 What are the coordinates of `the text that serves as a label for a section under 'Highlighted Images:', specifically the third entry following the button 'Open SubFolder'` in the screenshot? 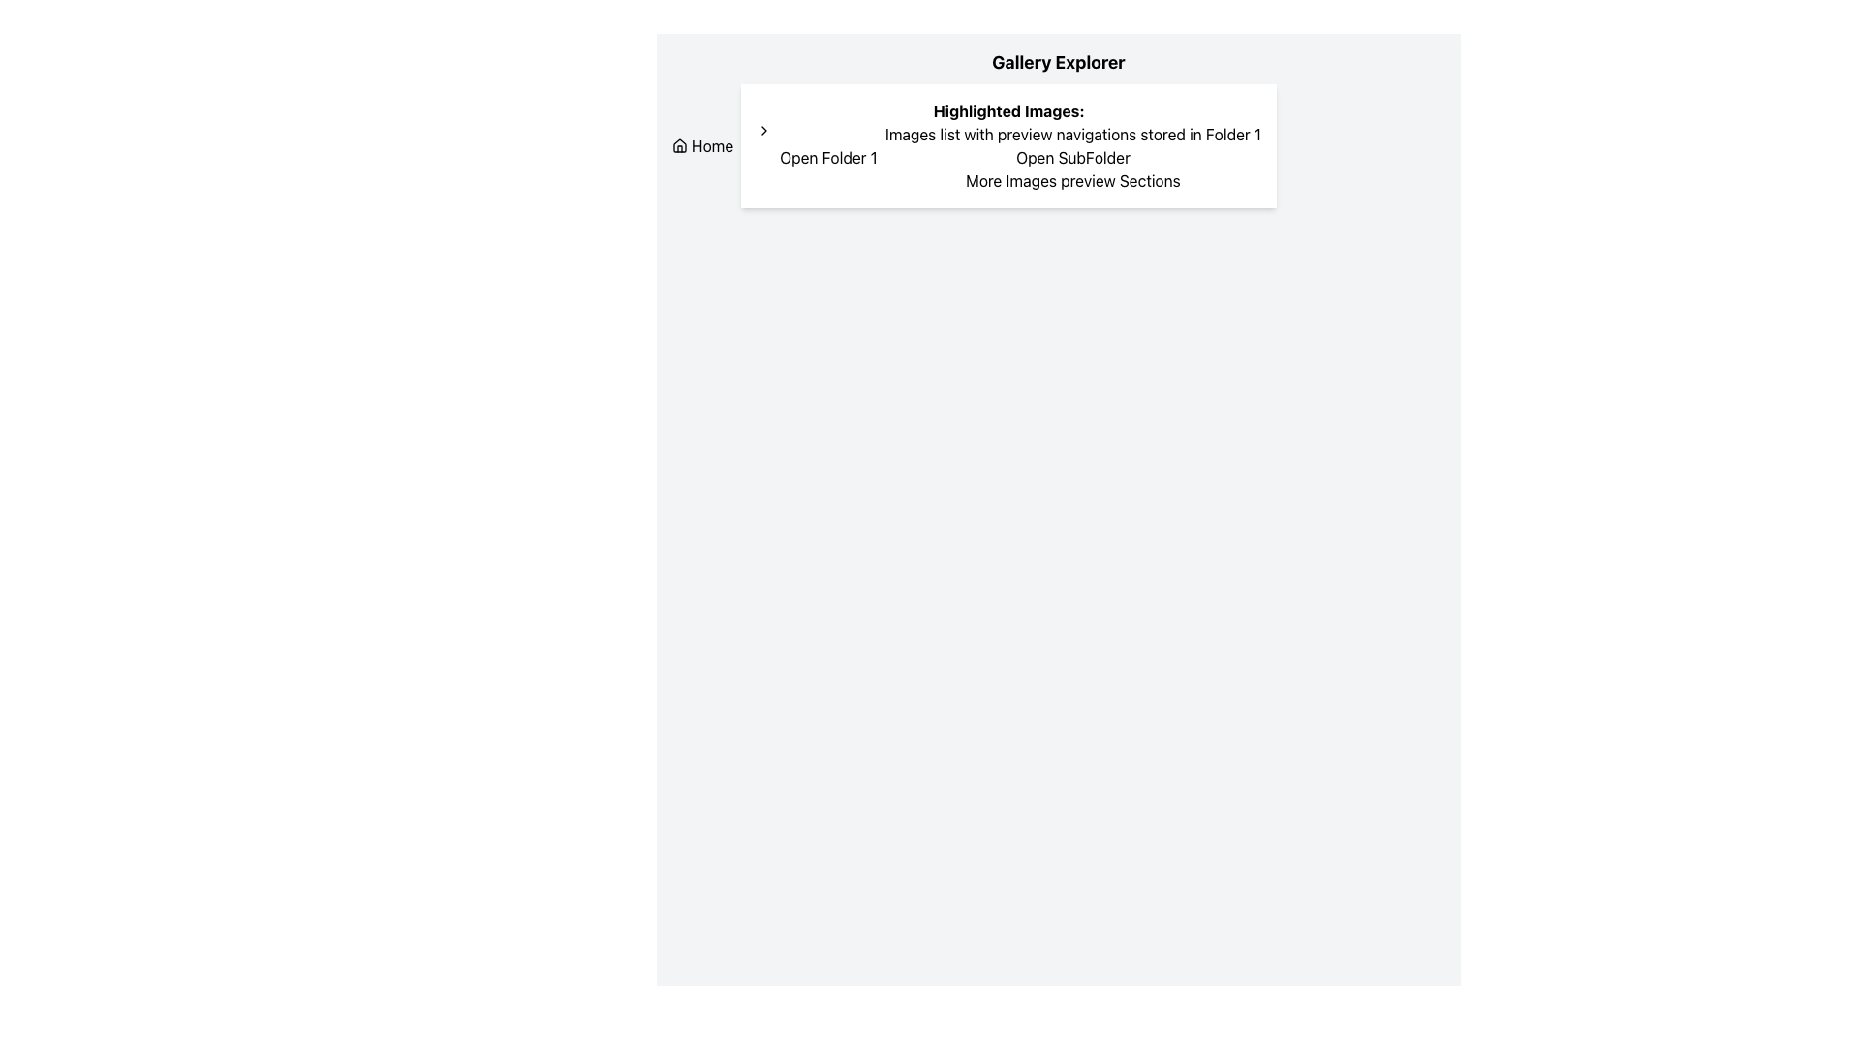 It's located at (1072, 180).